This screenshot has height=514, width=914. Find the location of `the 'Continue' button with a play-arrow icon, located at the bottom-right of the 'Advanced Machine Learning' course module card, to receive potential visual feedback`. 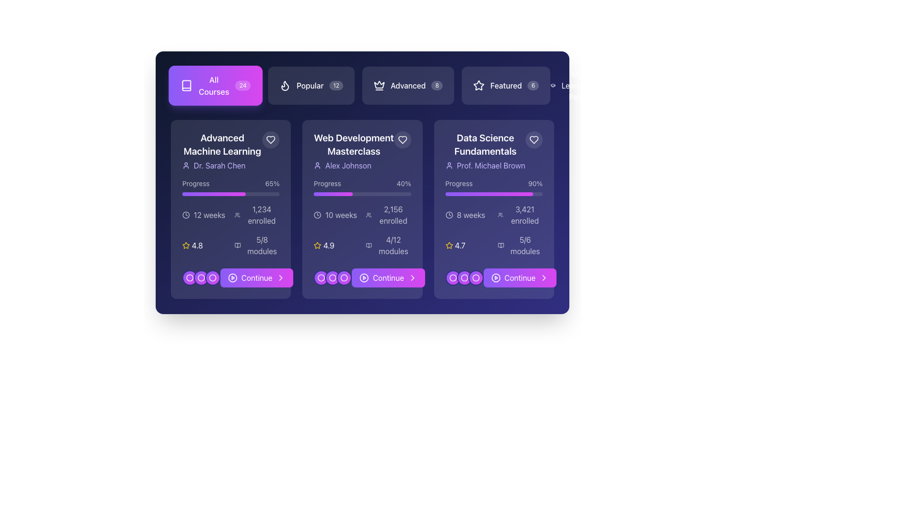

the 'Continue' button with a play-arrow icon, located at the bottom-right of the 'Advanced Machine Learning' course module card, to receive potential visual feedback is located at coordinates (231, 277).